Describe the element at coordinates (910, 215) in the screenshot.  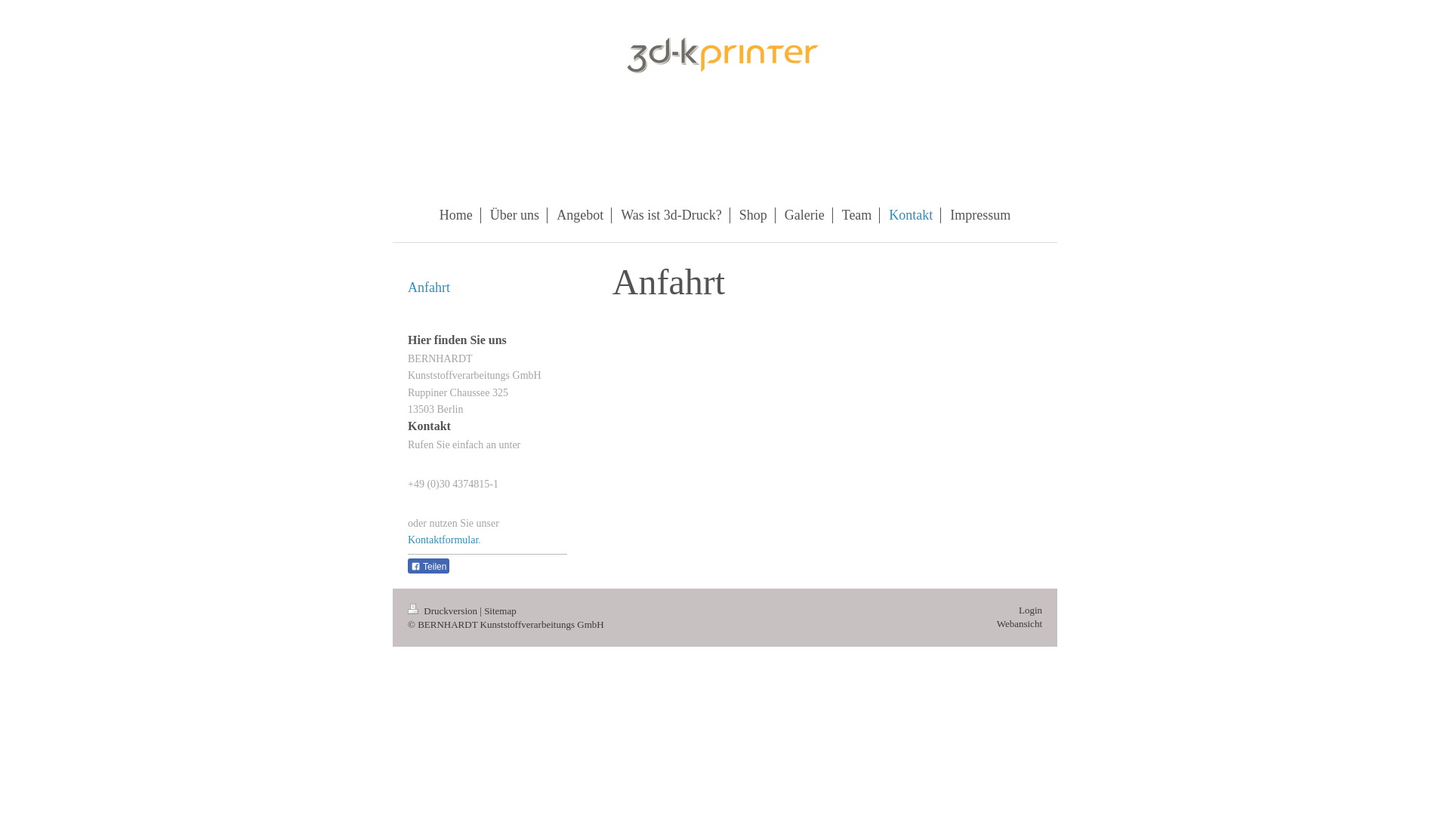
I see `'Kontakt'` at that location.